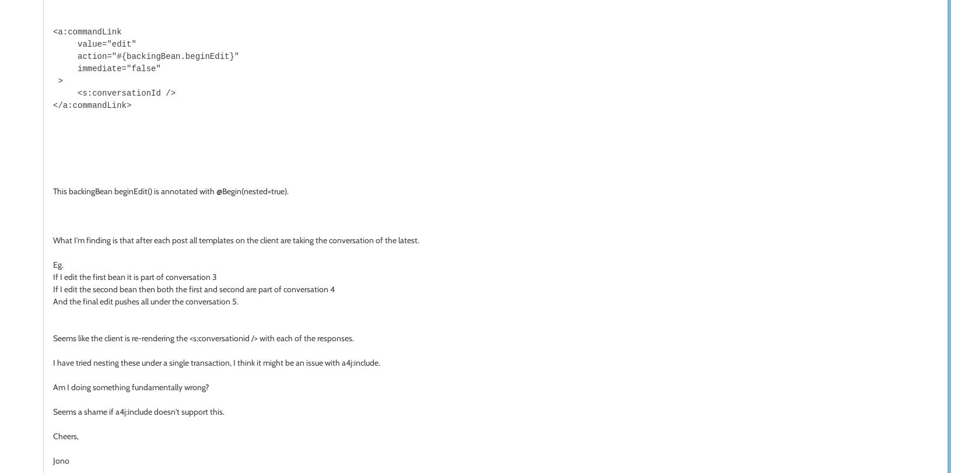 This screenshot has height=473, width=974. I want to click on 'beginEdit()', so click(133, 190).